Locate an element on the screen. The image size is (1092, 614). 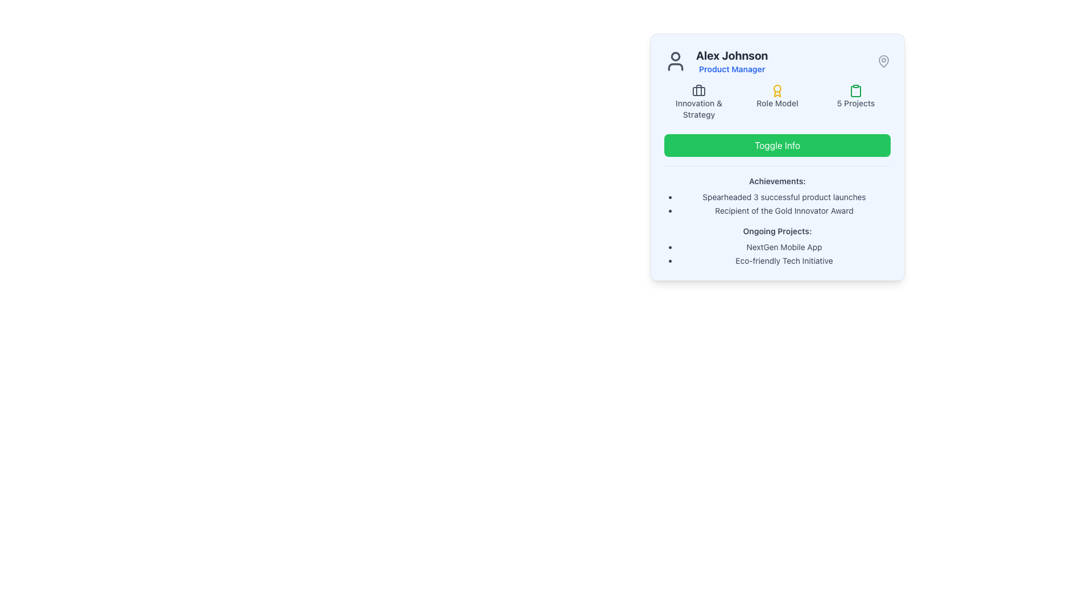
the small map pin icon located at the top-right corner of the user information card displaying 'Alex Johnson', styled with a light gray stroke outline and no fill is located at coordinates (883, 61).